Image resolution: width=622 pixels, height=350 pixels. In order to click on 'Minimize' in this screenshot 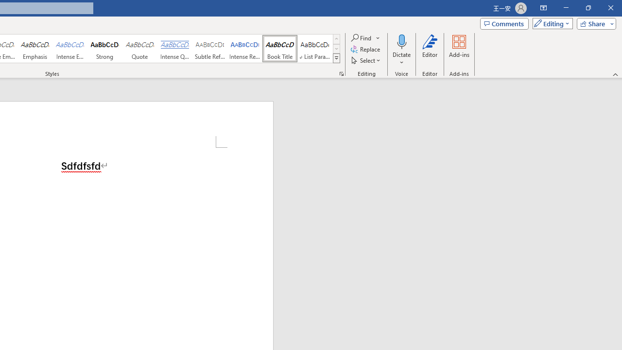, I will do `click(566, 8)`.